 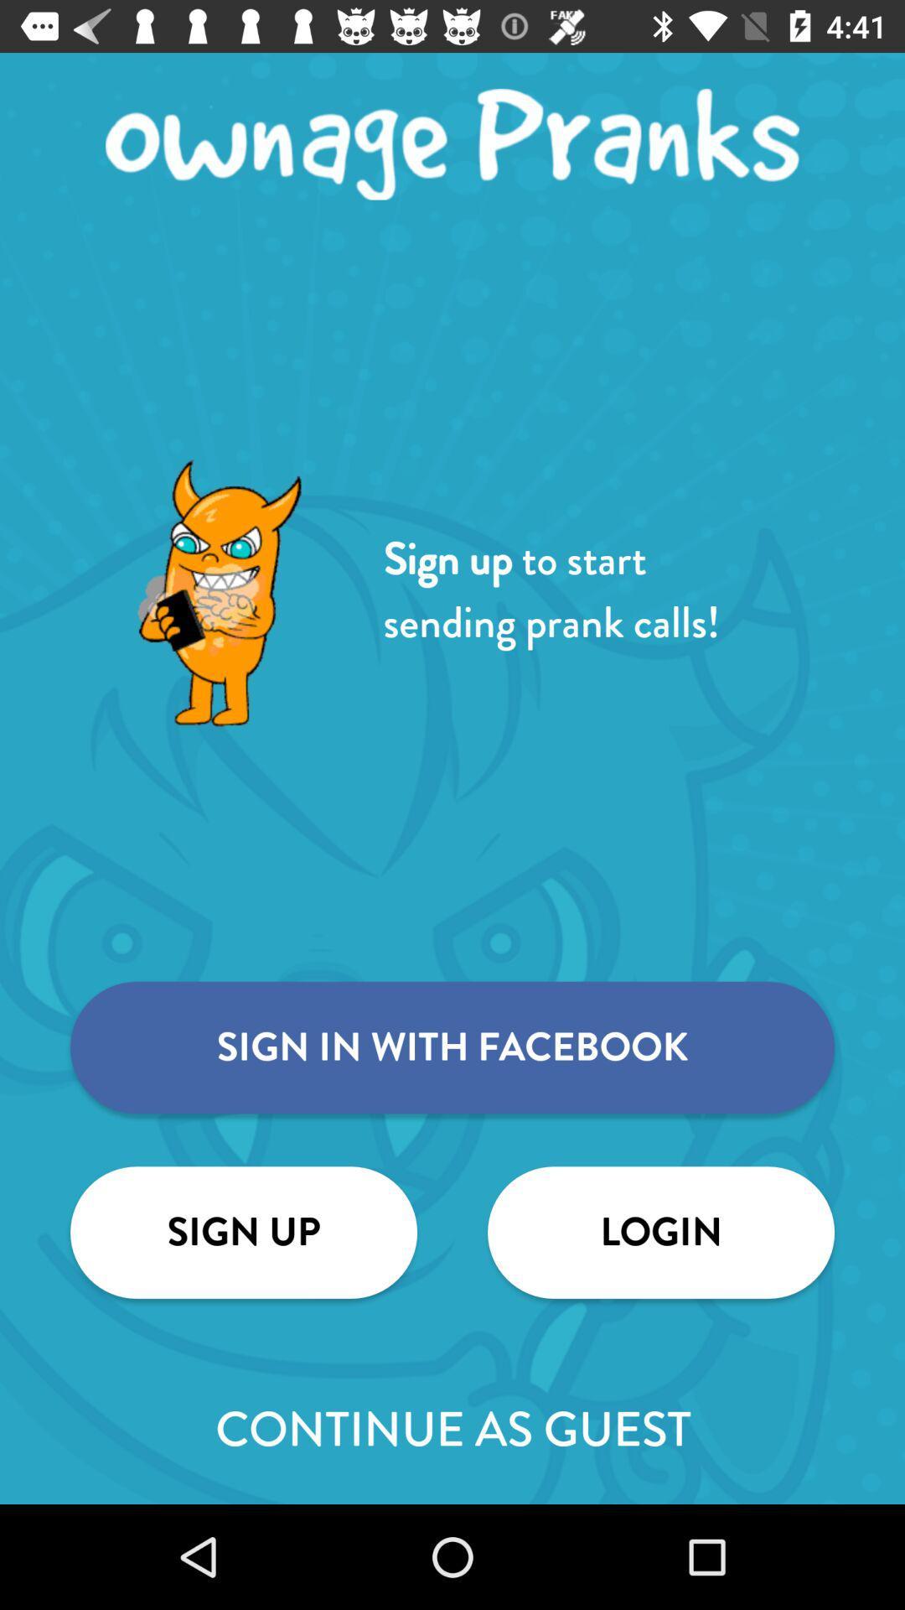 What do you see at coordinates (660, 1232) in the screenshot?
I see `the icon below the sign in with icon` at bounding box center [660, 1232].